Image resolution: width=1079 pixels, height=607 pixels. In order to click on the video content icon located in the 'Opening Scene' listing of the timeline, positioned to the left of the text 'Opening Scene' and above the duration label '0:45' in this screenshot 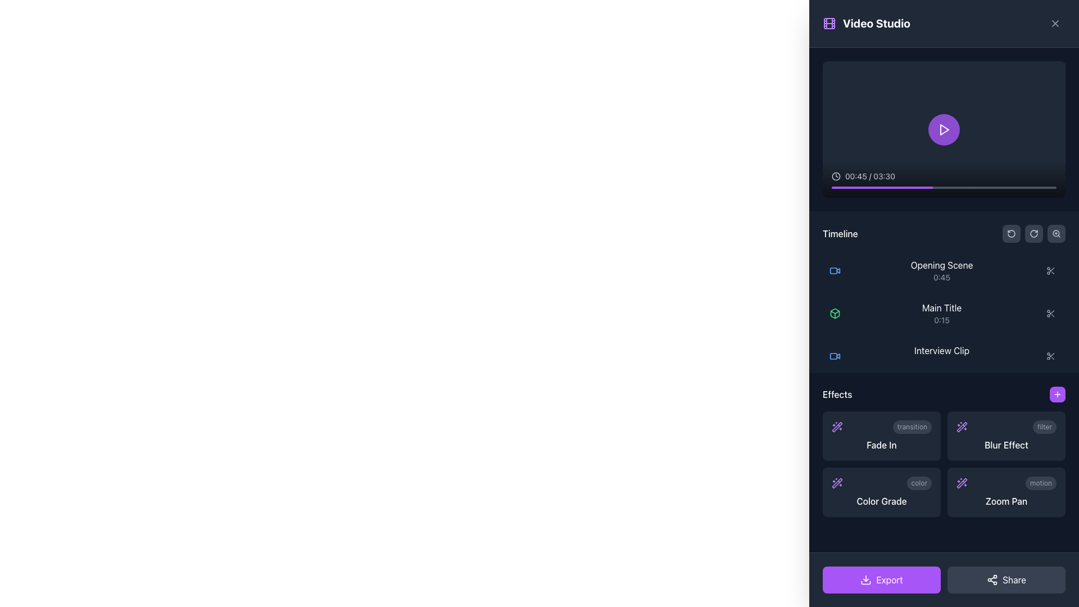, I will do `click(835, 271)`.